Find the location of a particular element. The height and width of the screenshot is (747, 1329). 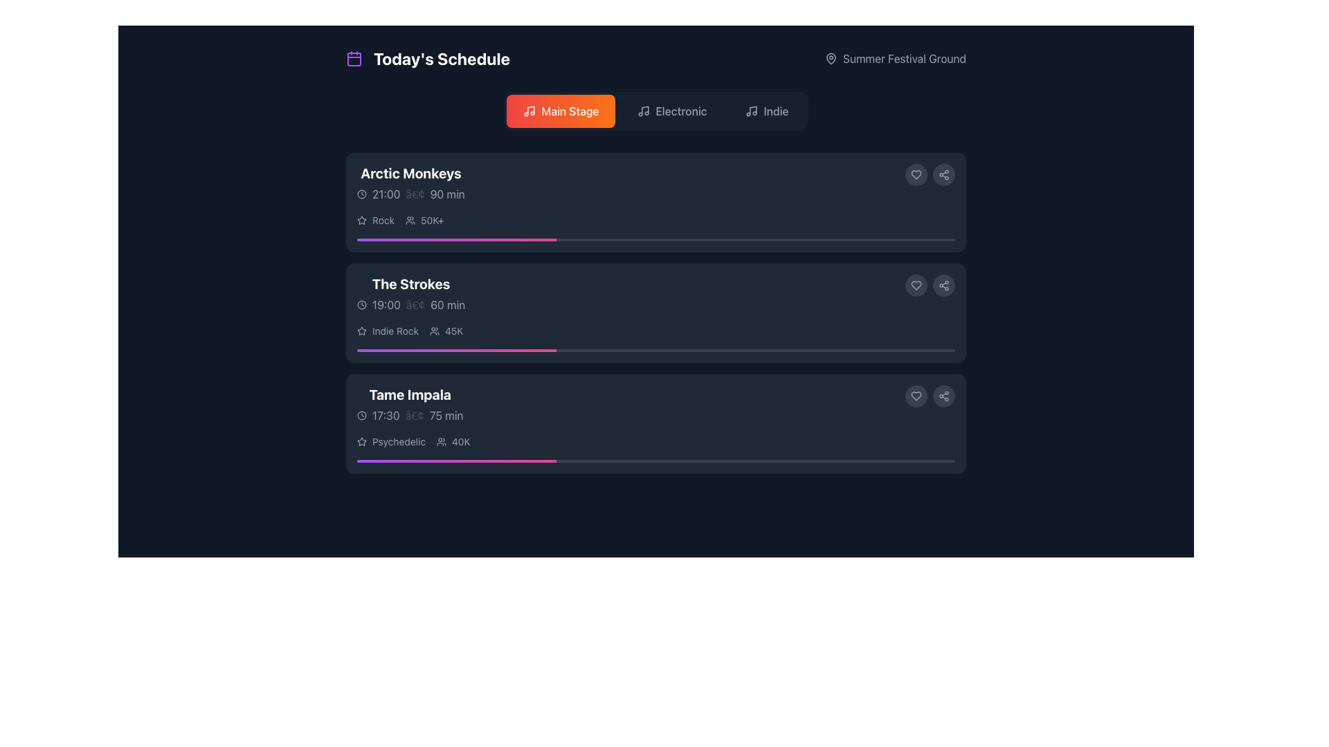

the Time and duration display located beneath 'The Strokes' in the concert schedule block, which is horizontally centered and occupies the second row after the title is located at coordinates (410, 304).